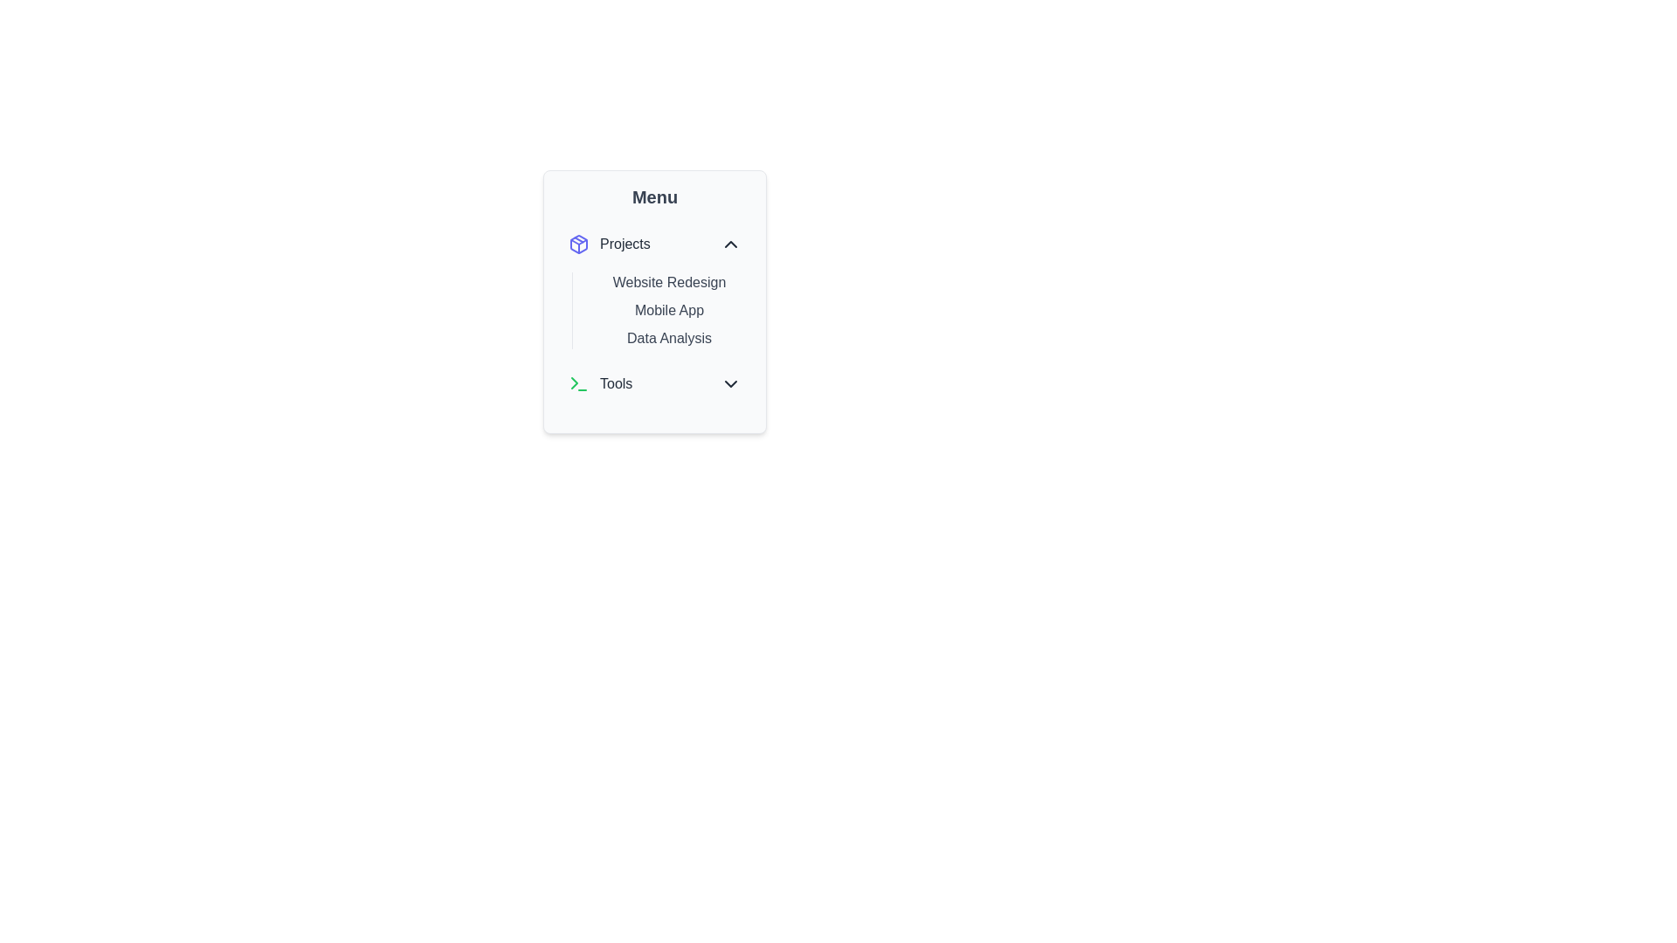 This screenshot has height=943, width=1677. What do you see at coordinates (653, 313) in the screenshot?
I see `the 'Mobile App' text label, which is a clickable link located between 'Website Redesign' and 'Data Analysis' under the 'Projects' section` at bounding box center [653, 313].